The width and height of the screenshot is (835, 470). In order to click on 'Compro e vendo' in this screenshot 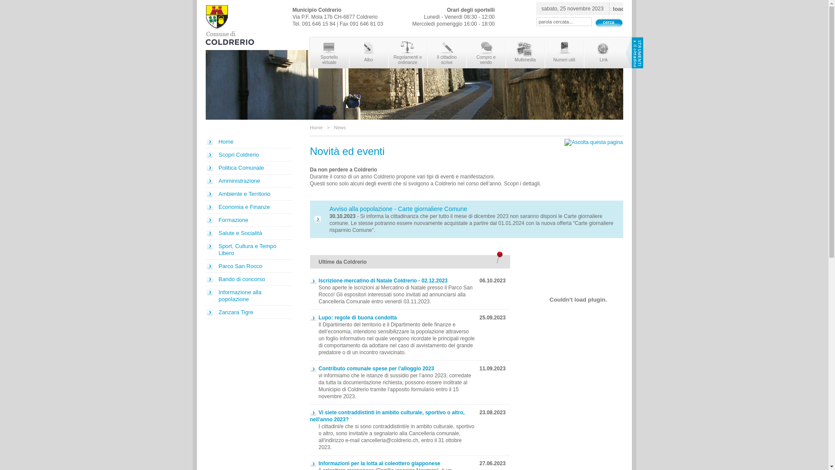, I will do `click(486, 53)`.